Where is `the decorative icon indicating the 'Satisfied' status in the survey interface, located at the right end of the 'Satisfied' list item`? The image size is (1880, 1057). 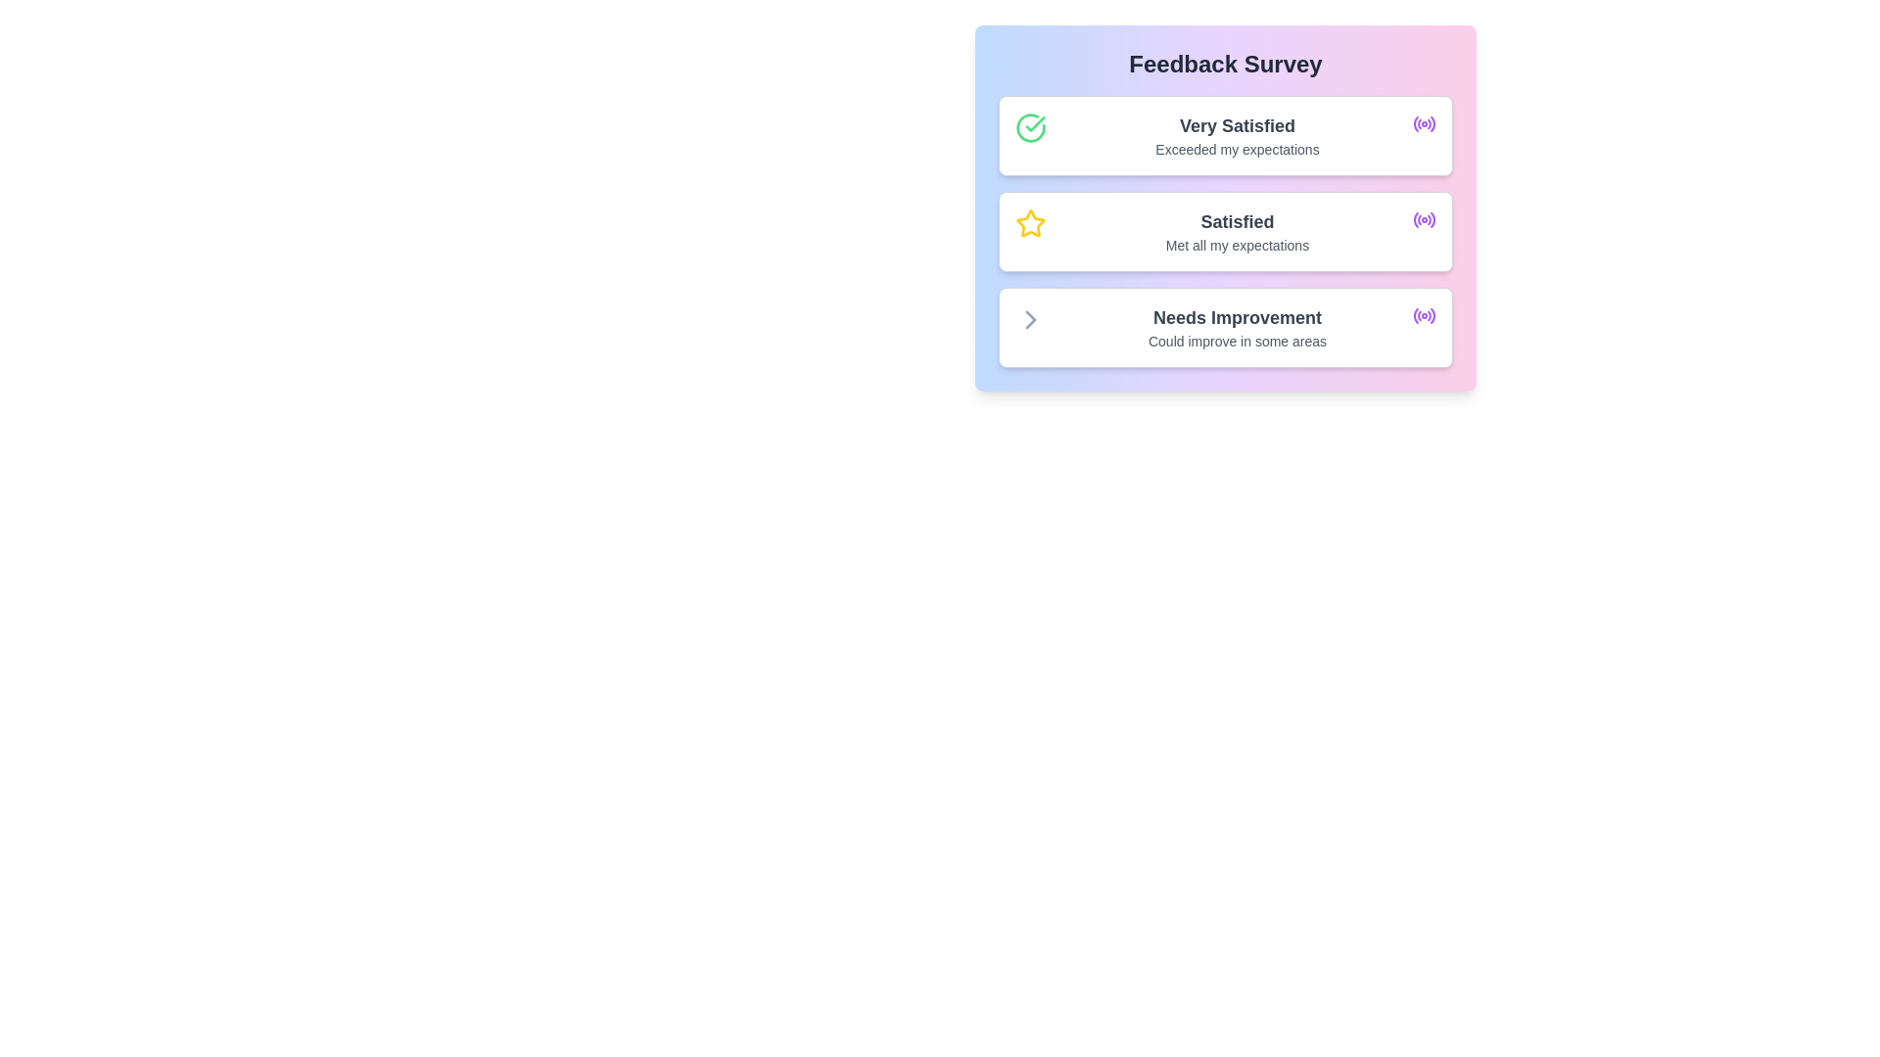
the decorative icon indicating the 'Satisfied' status in the survey interface, located at the right end of the 'Satisfied' list item is located at coordinates (1424, 219).